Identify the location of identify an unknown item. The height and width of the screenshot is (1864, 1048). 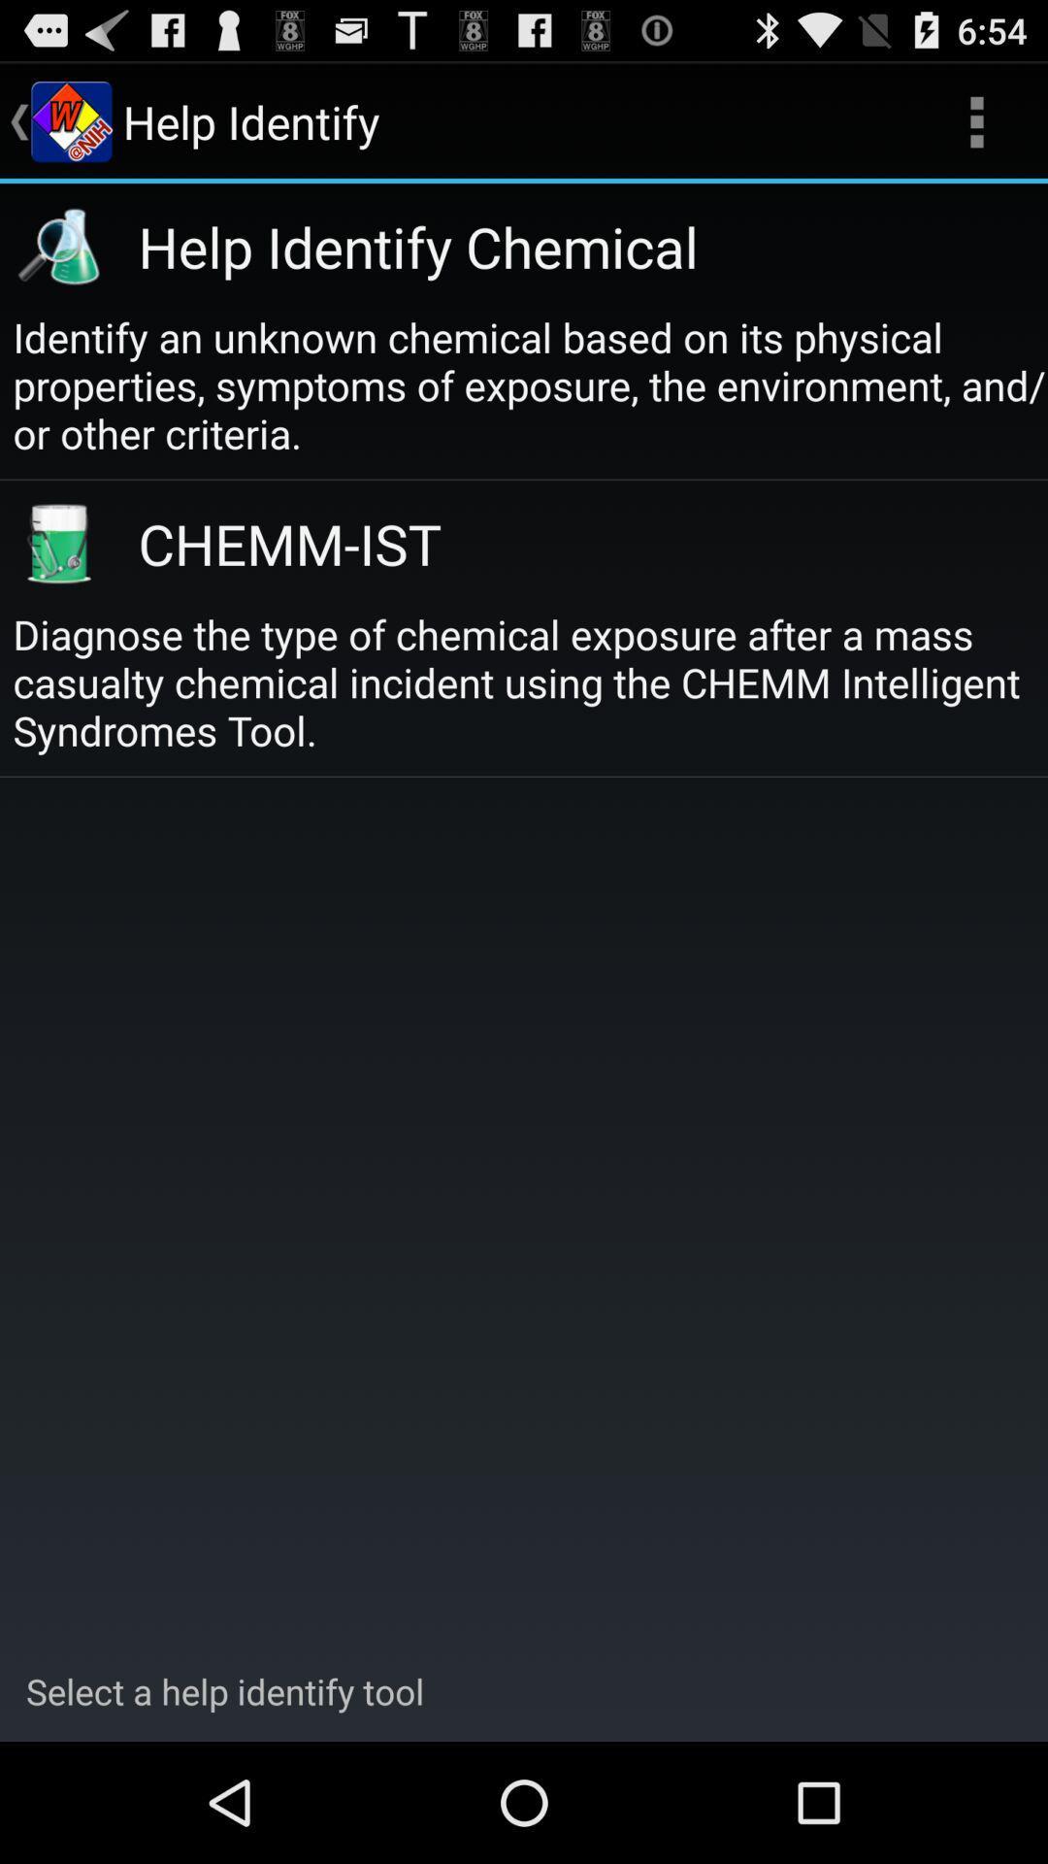
(530, 384).